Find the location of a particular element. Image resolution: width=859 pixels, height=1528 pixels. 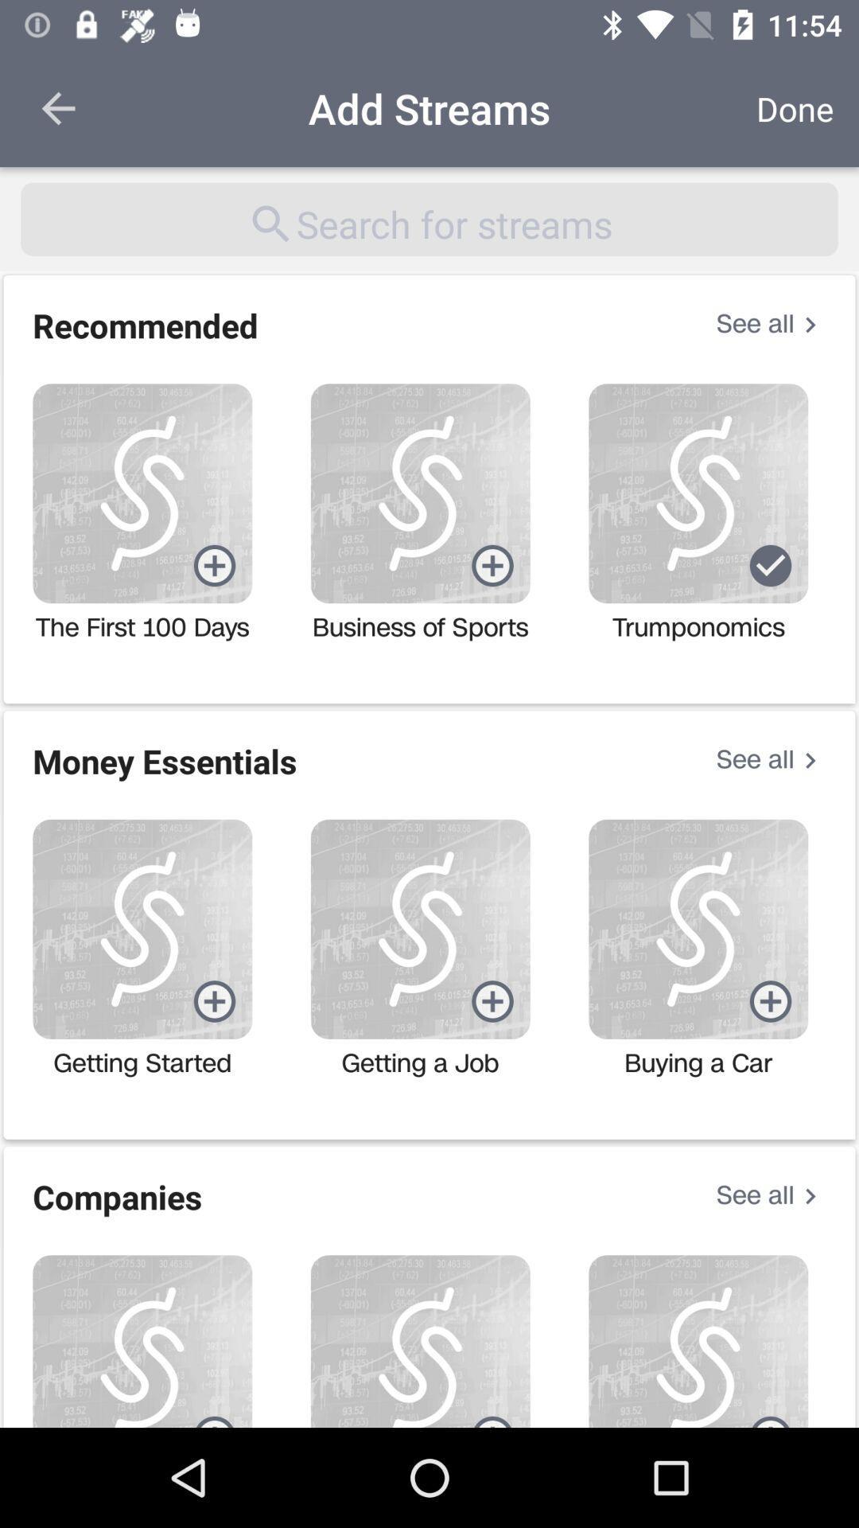

the icon next to the add streams icon is located at coordinates (795, 107).